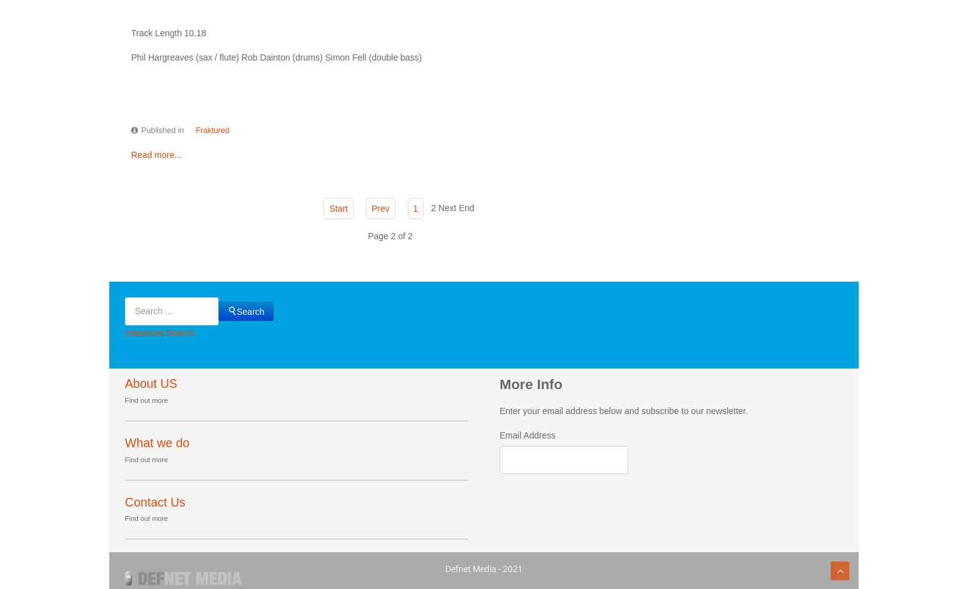  I want to click on 'Prev', so click(370, 207).